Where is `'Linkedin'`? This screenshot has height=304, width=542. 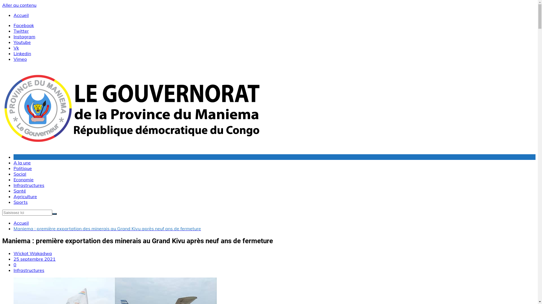
'Linkedin' is located at coordinates (22, 53).